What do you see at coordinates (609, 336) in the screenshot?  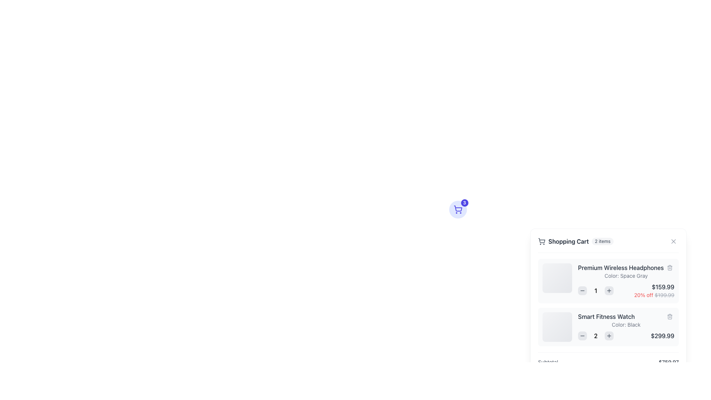 I see `the increment button to increase the quantity of the 'Smart Fitness Watch' item in the shopping cart interface, which is located to the immediate right of the displayed quantity '2'` at bounding box center [609, 336].